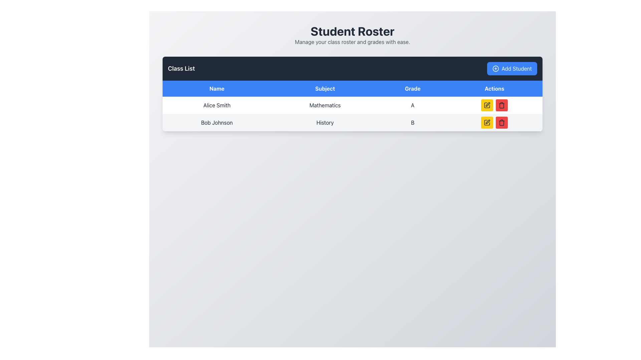 The width and height of the screenshot is (641, 360). What do you see at coordinates (487, 122) in the screenshot?
I see `the edit icon for 'Bob Johnson' in the 'Actions' column of the Class List table by pressing the tab key, then activate it with the enter key` at bounding box center [487, 122].